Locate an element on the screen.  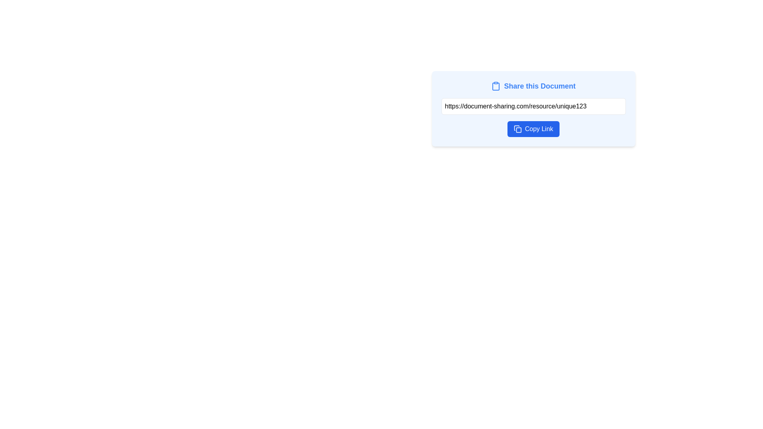
the clipboard icon, which has a minimalistic design featuring an outer rectangular frame and an inner clip element, located near the top-left corner of the share button area is located at coordinates (496, 87).